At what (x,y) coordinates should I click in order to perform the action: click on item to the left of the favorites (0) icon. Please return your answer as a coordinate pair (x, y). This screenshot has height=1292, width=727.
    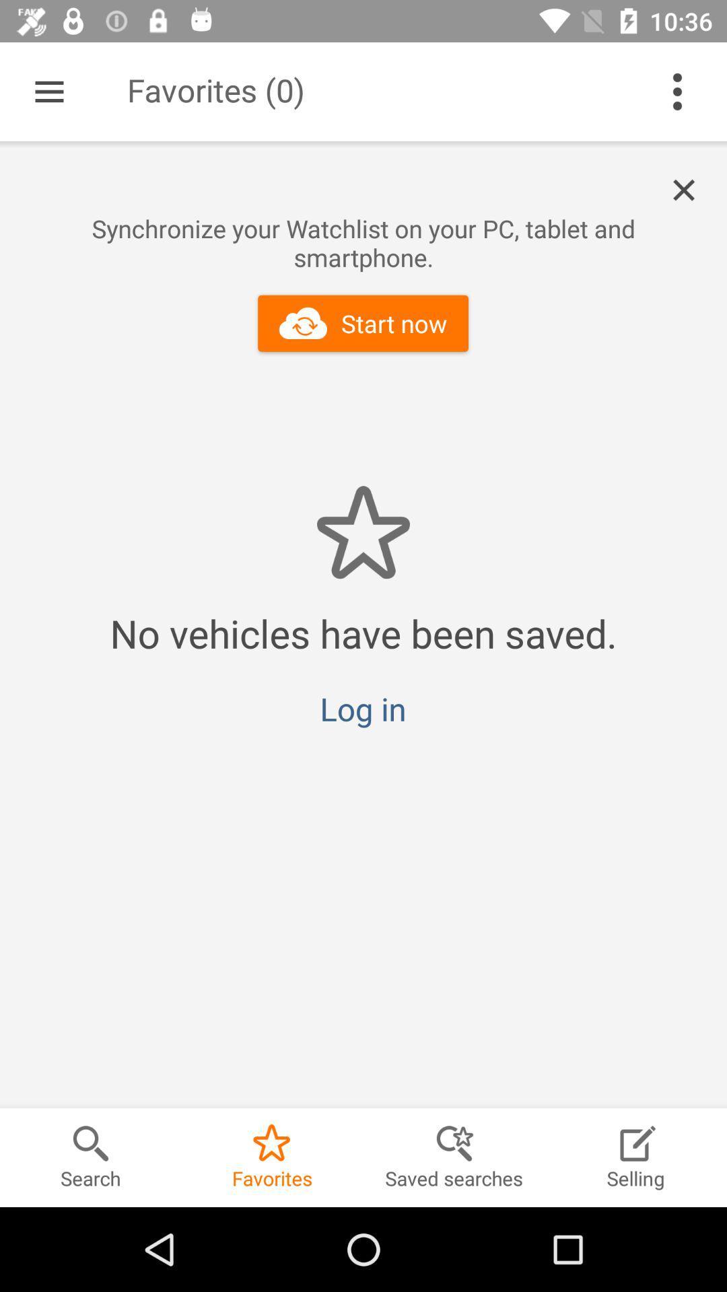
    Looking at the image, I should click on (48, 91).